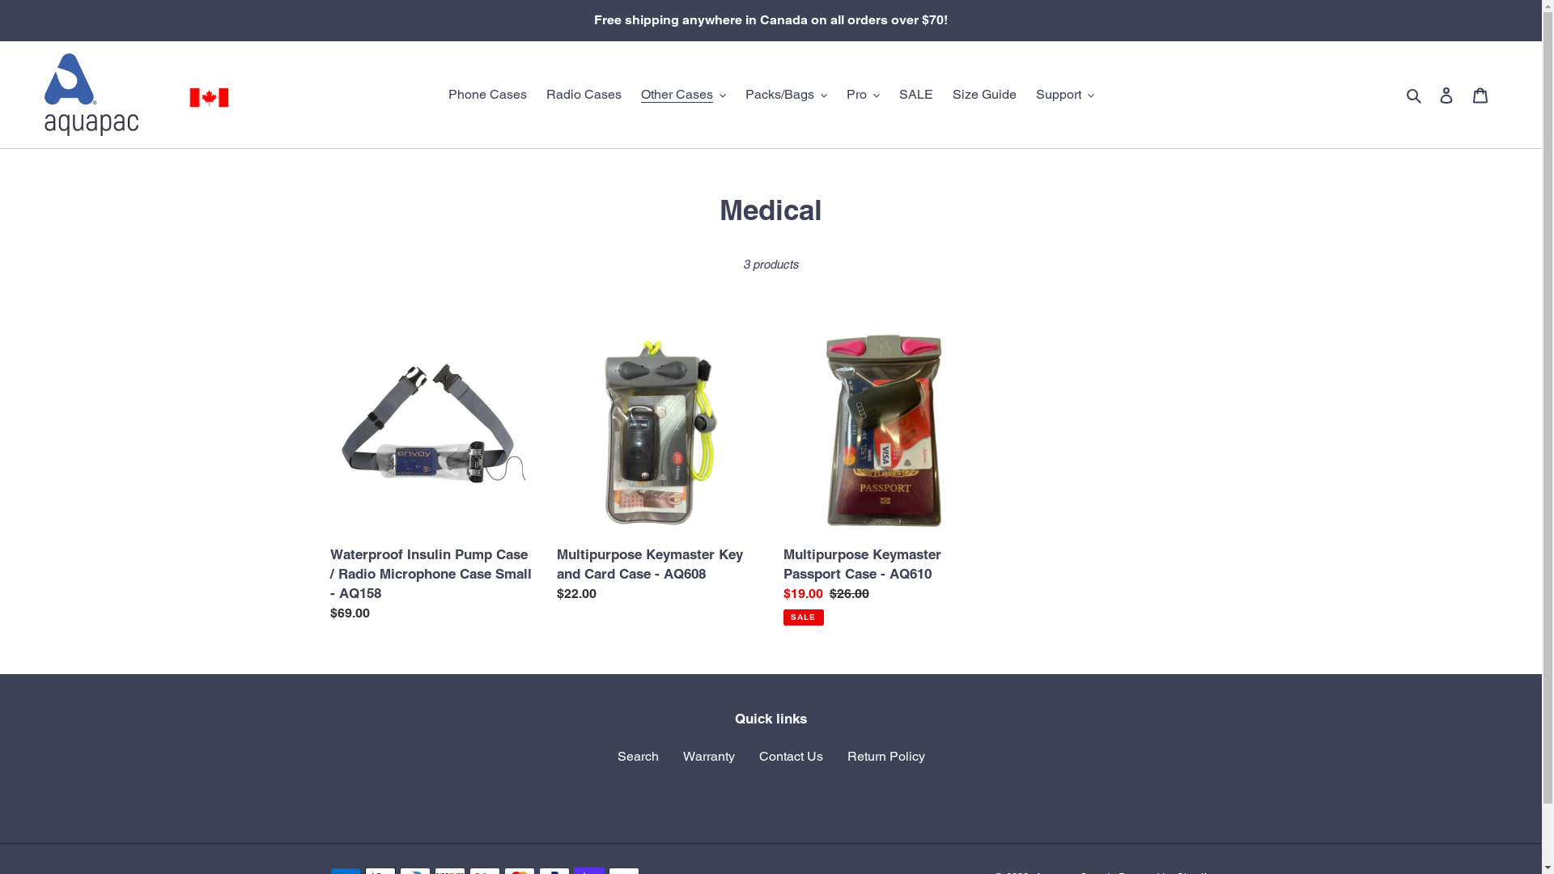  Describe the element at coordinates (683, 94) in the screenshot. I see `'Other Cases'` at that location.